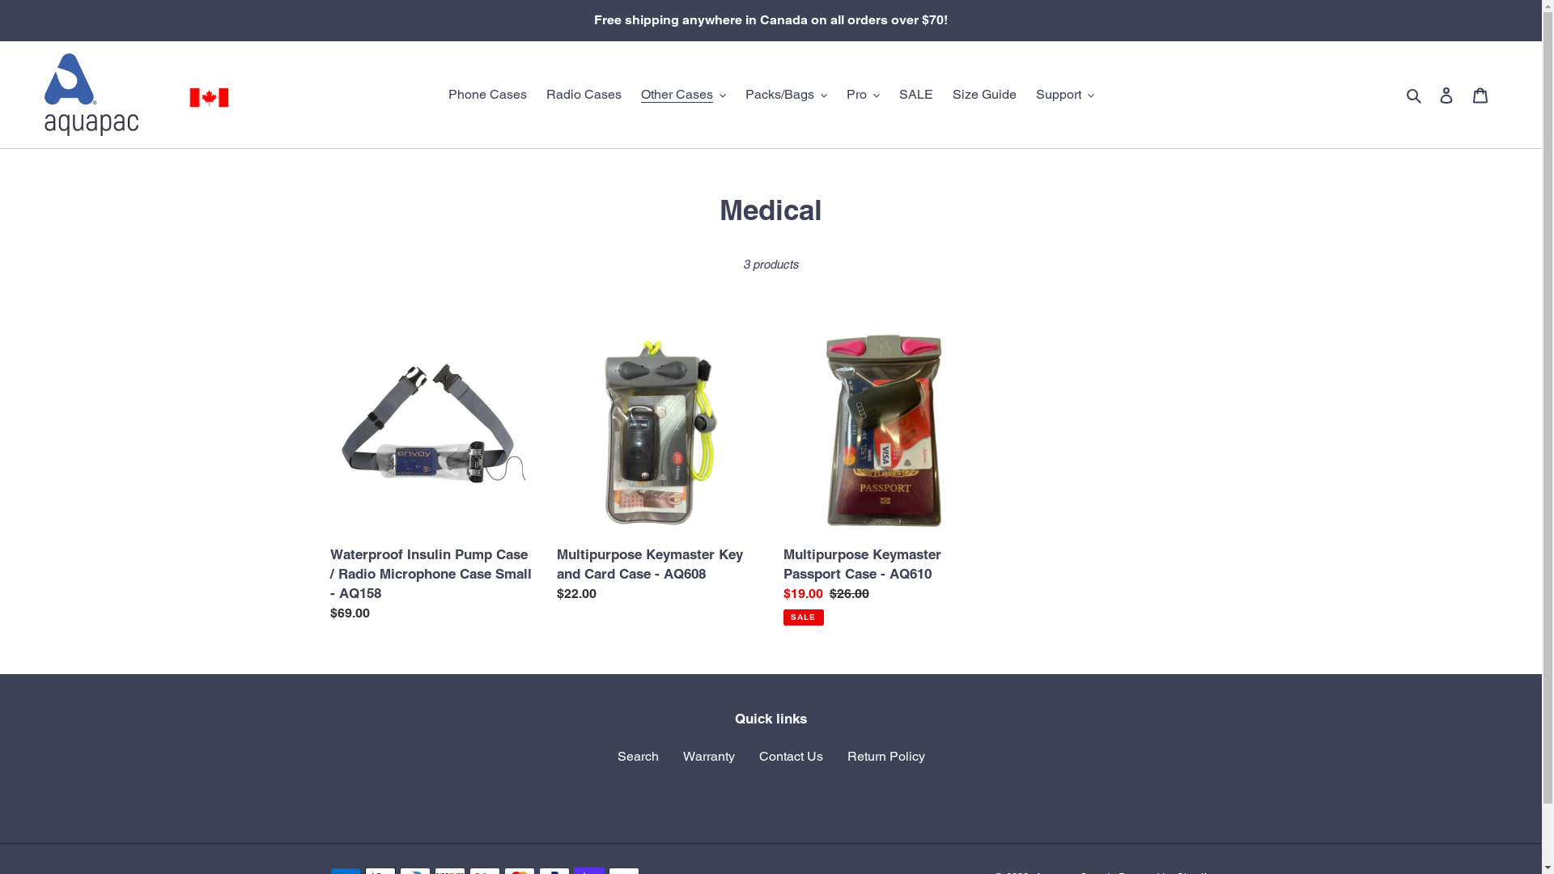  Describe the element at coordinates (683, 94) in the screenshot. I see `'Other Cases'` at that location.